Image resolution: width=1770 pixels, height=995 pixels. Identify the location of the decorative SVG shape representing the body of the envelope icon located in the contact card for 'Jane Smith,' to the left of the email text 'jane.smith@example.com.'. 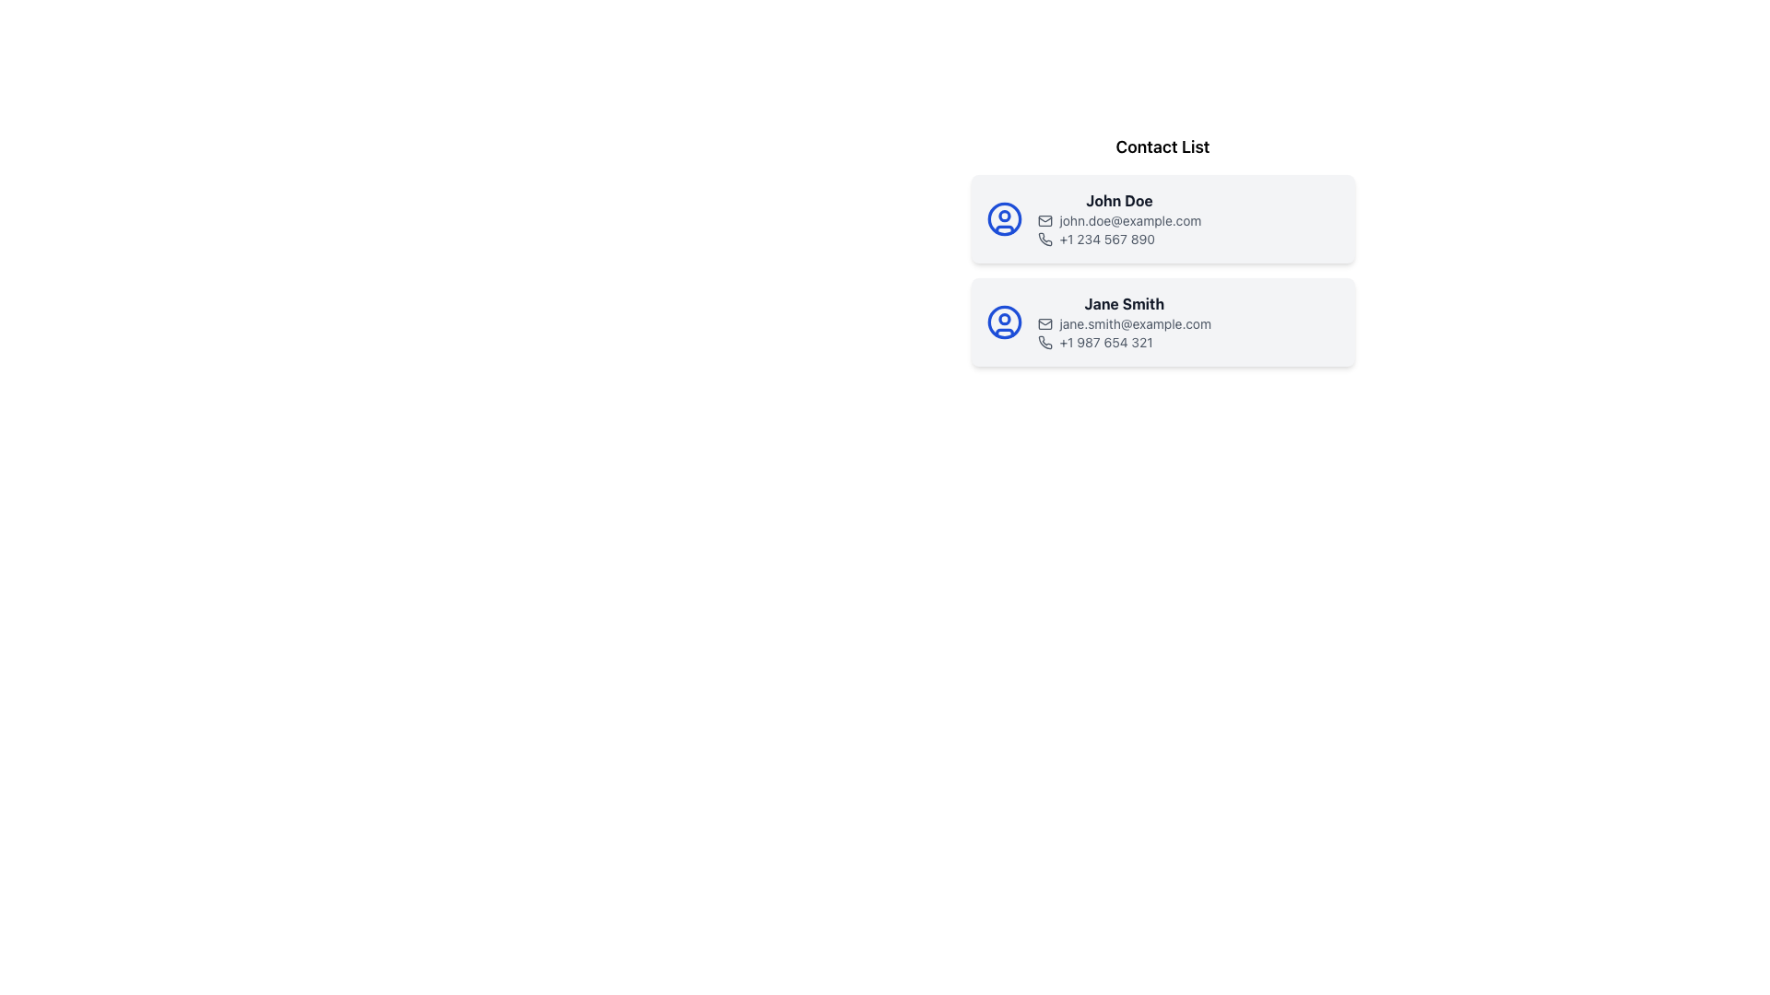
(1044, 322).